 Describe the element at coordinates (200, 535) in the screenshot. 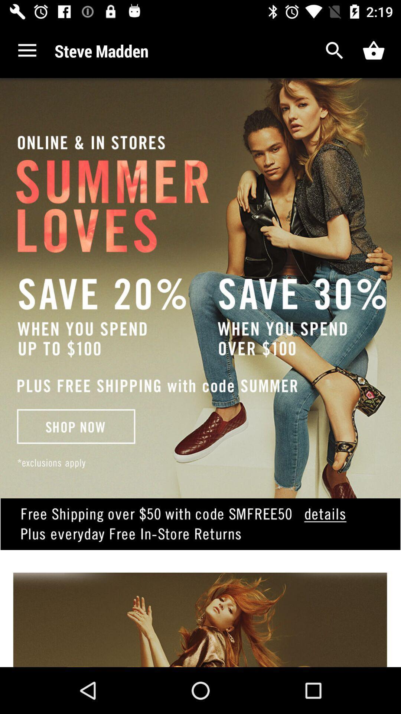

I see `details` at that location.